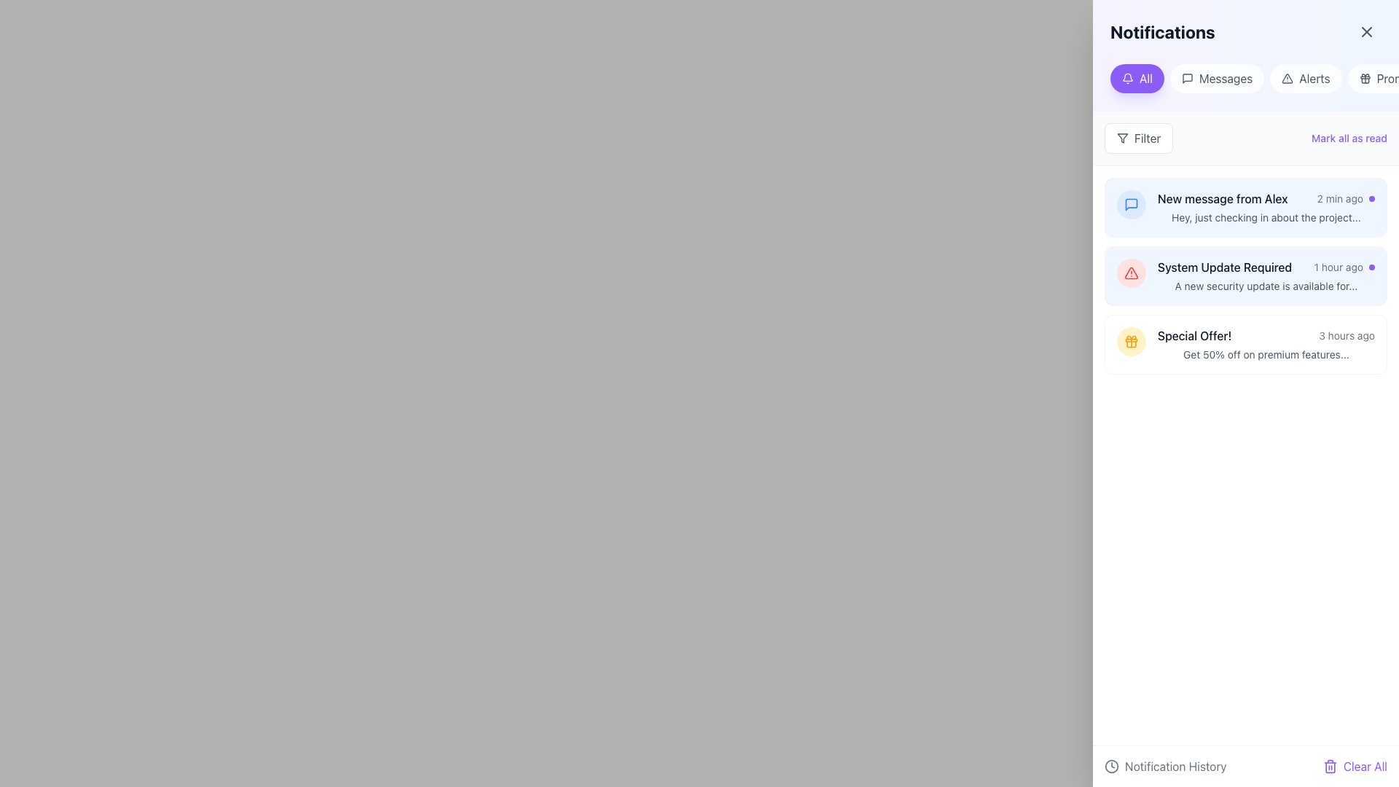 The image size is (1399, 787). What do you see at coordinates (1366, 31) in the screenshot?
I see `the close or 'X' icon located at the top-right corner of the notification panel, identified by its small graphical cross shape with gray stroke` at bounding box center [1366, 31].